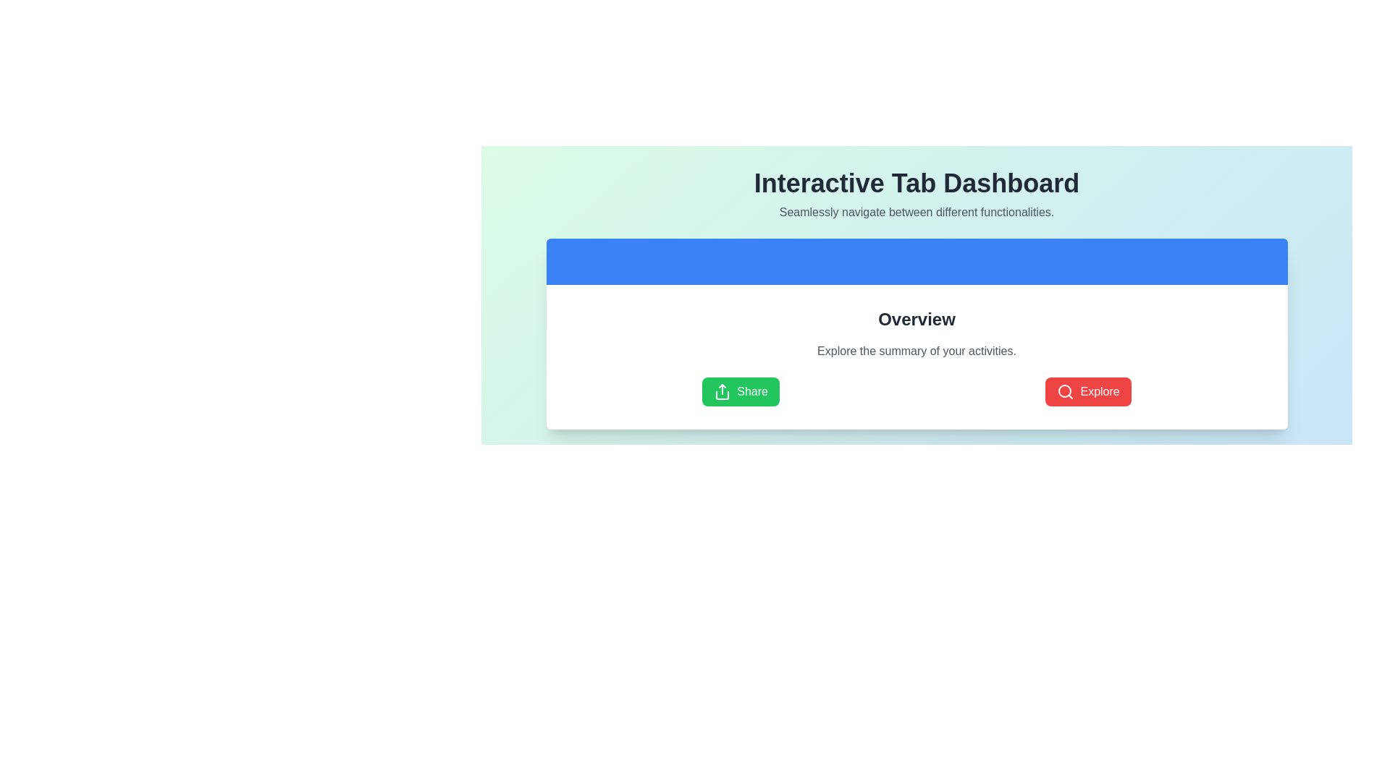  What do you see at coordinates (741, 392) in the screenshot?
I see `the share button located to the left of the red 'Explore' button, which is part of a group of buttons below the 'Overview' section` at bounding box center [741, 392].